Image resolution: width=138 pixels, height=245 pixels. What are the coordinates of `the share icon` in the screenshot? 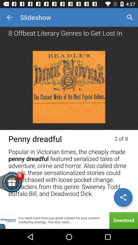 It's located at (123, 197).